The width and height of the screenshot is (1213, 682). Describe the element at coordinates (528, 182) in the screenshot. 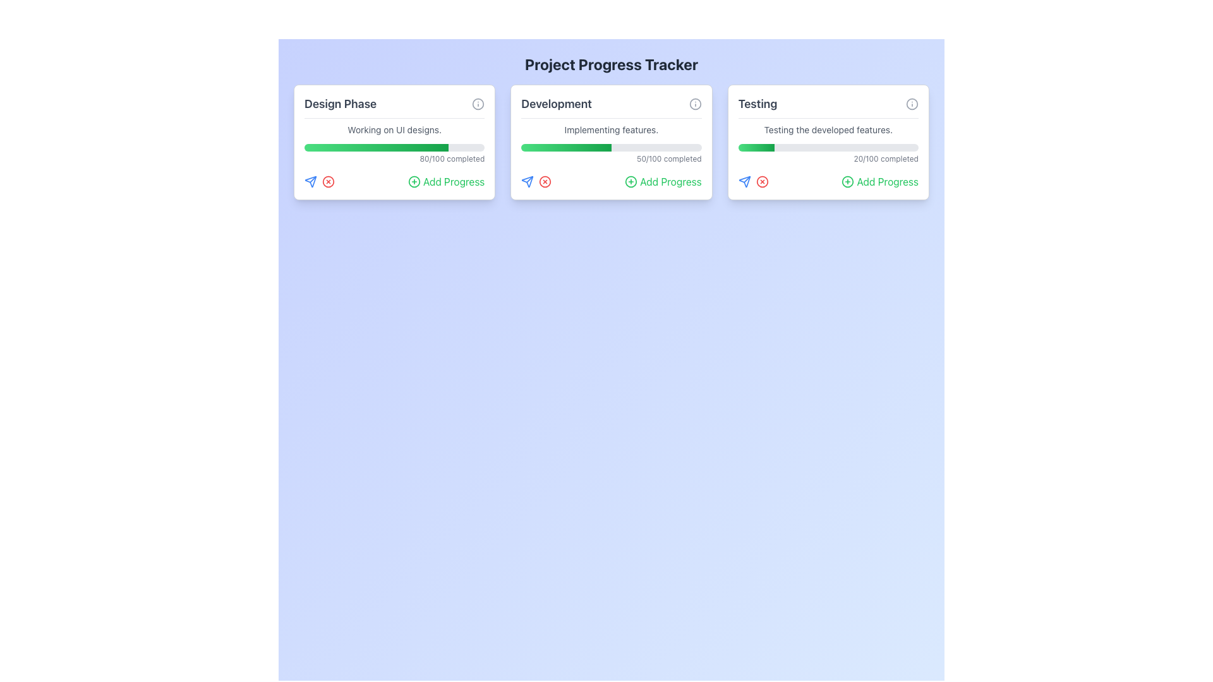

I see `the icon-based button with a paper airplane motif styled in blue, located under the 'Testing' section` at that location.